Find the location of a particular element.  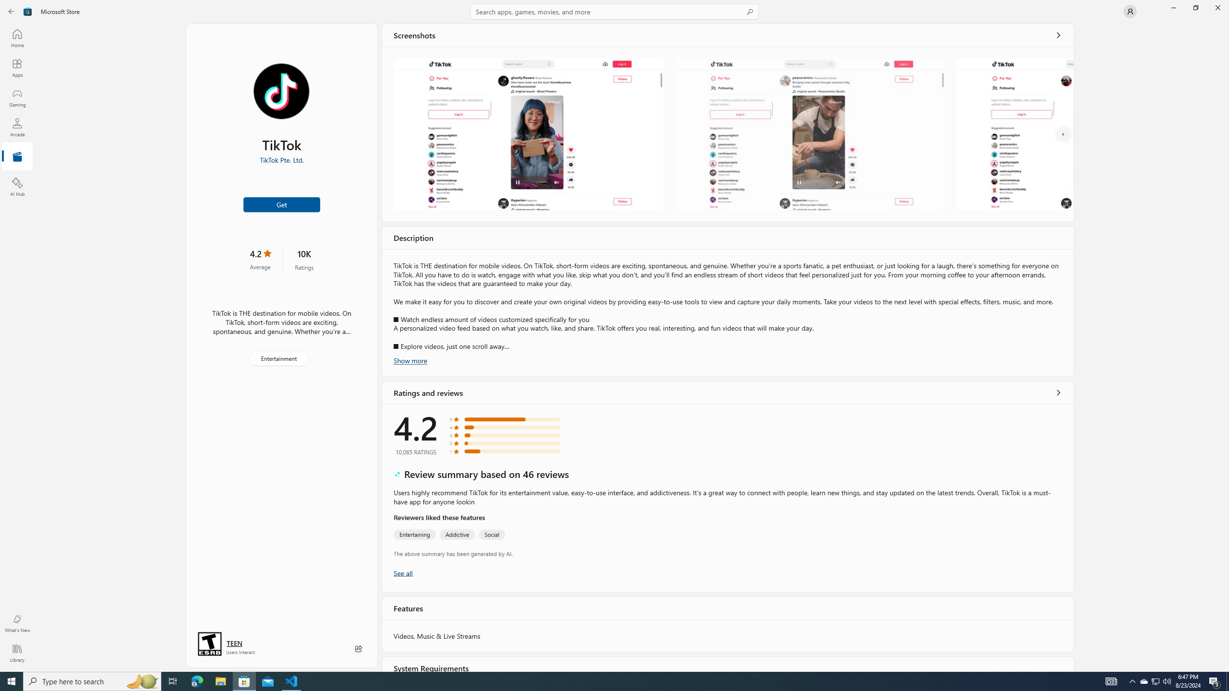

'Back' is located at coordinates (12, 11).